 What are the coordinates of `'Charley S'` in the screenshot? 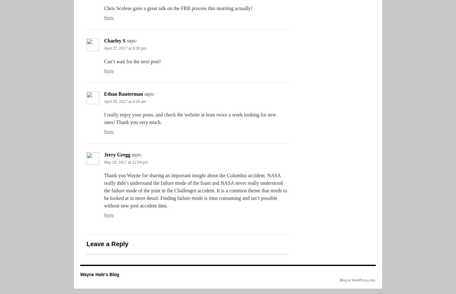 It's located at (114, 40).